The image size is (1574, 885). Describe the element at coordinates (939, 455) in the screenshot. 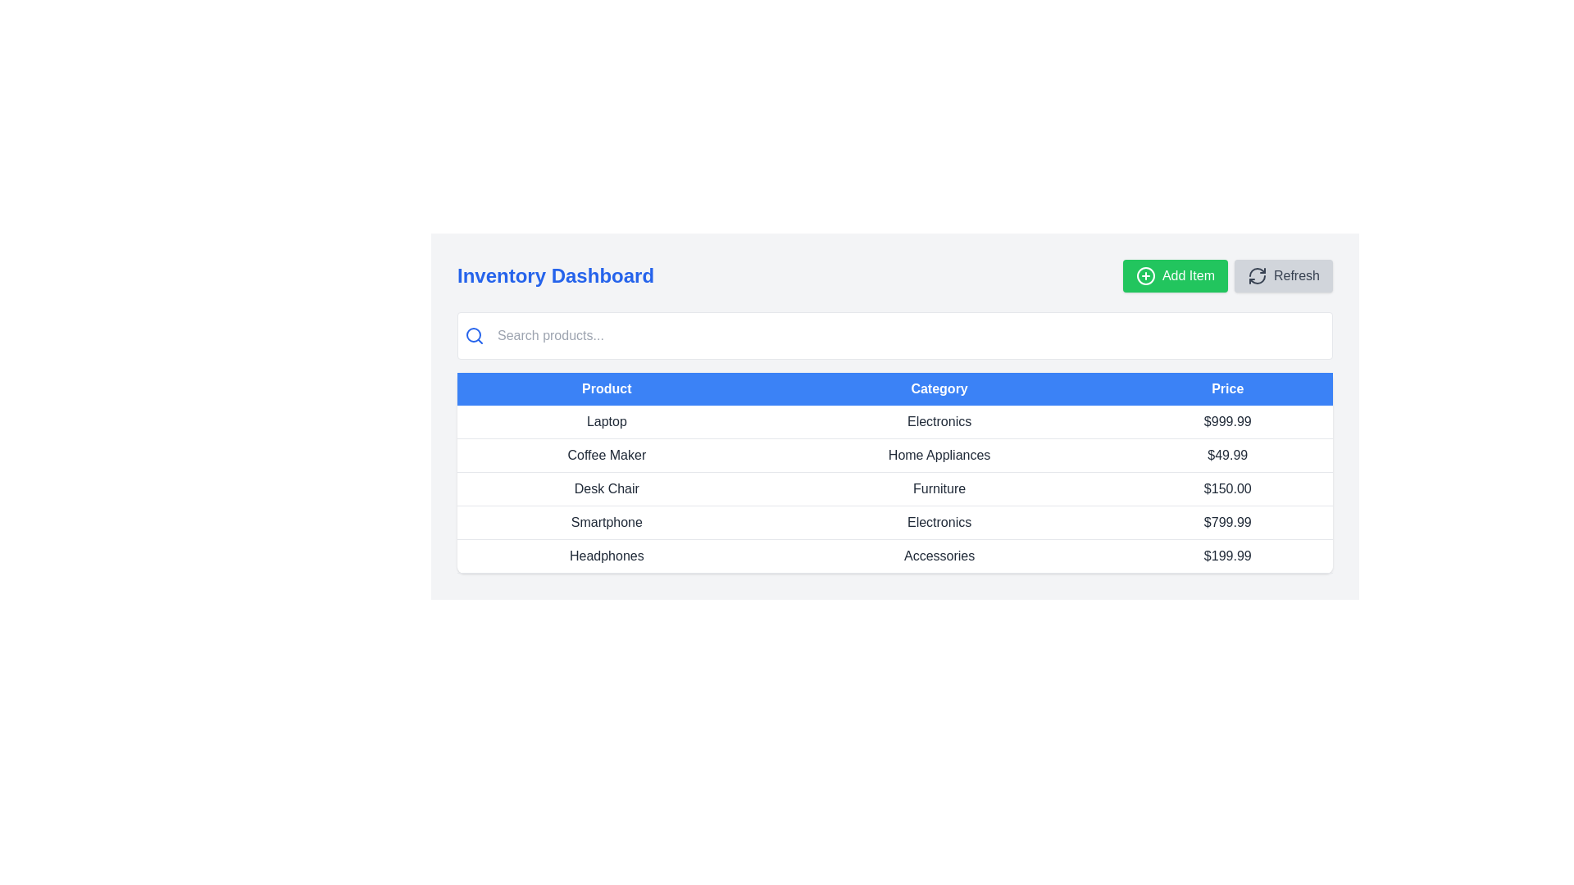

I see `the 'Home Appliances' text label located in the second row of the table under the 'Category' column` at that location.